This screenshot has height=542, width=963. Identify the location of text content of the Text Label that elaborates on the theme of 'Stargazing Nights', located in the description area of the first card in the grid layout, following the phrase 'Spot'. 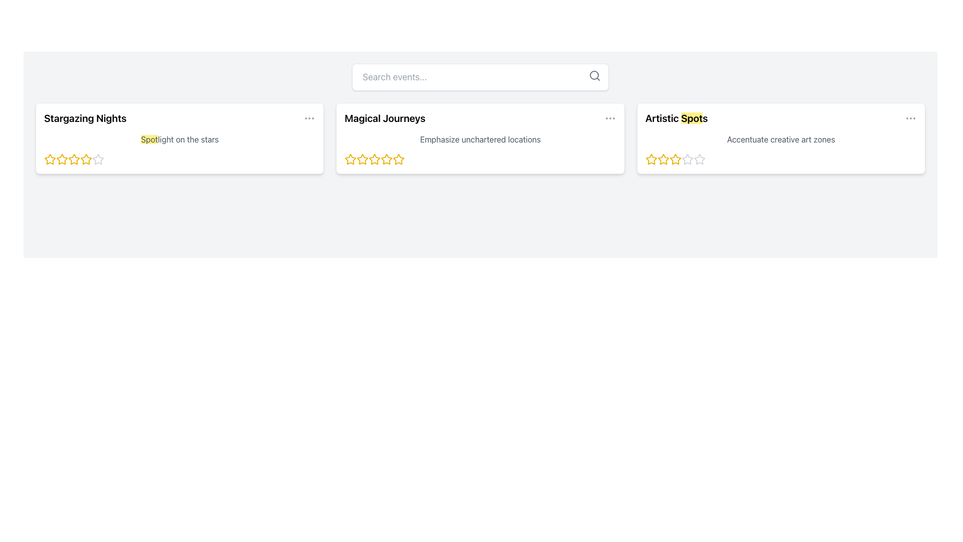
(188, 139).